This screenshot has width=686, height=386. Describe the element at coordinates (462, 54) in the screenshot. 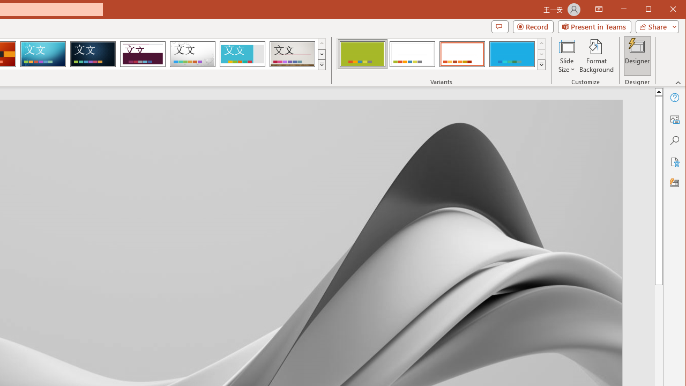

I see `'Basis Variant 3'` at that location.